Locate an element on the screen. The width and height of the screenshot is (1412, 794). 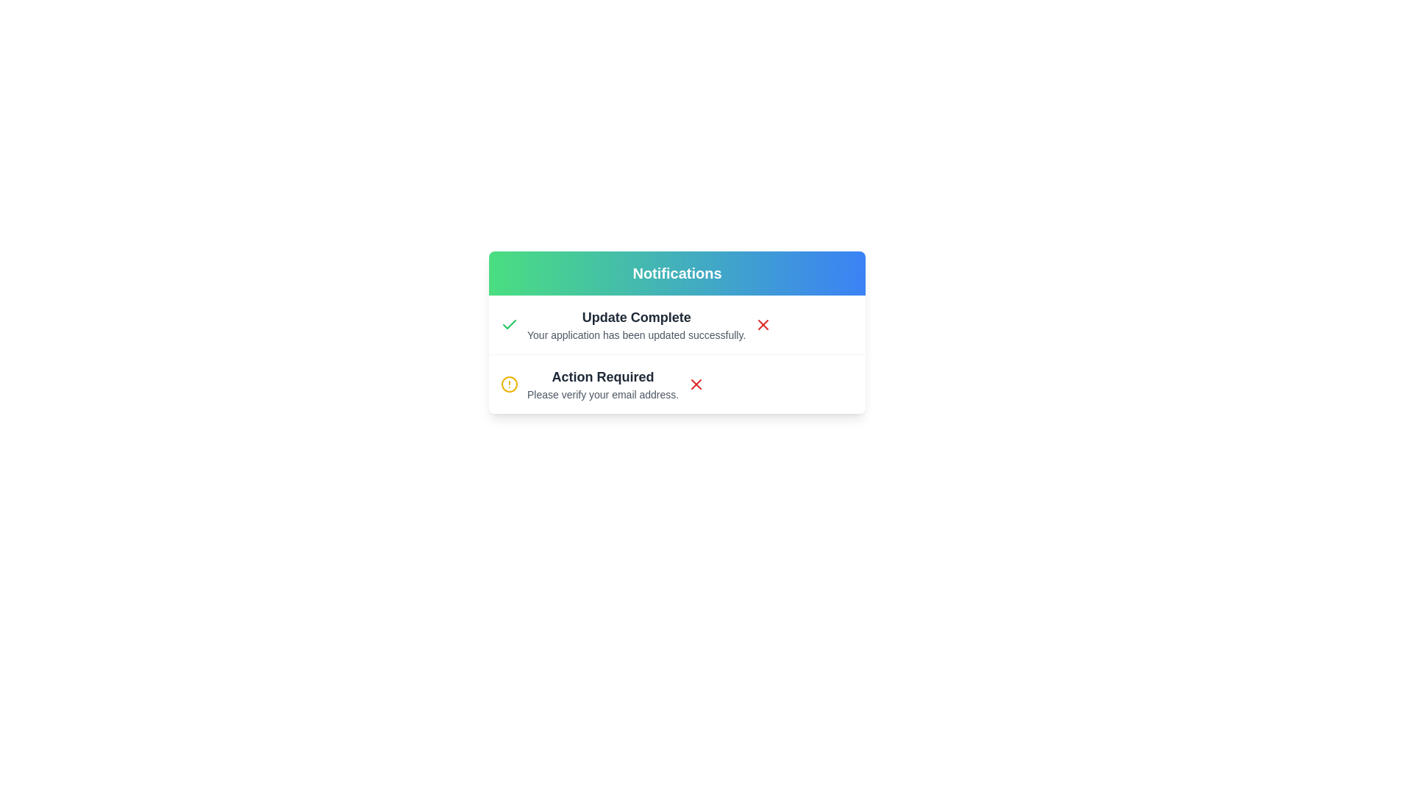
the circular icon with a yellow outline that resembles an alert or notification symbol, located to the left of the text 'Action Required' in the notification panel is located at coordinates (509, 384).